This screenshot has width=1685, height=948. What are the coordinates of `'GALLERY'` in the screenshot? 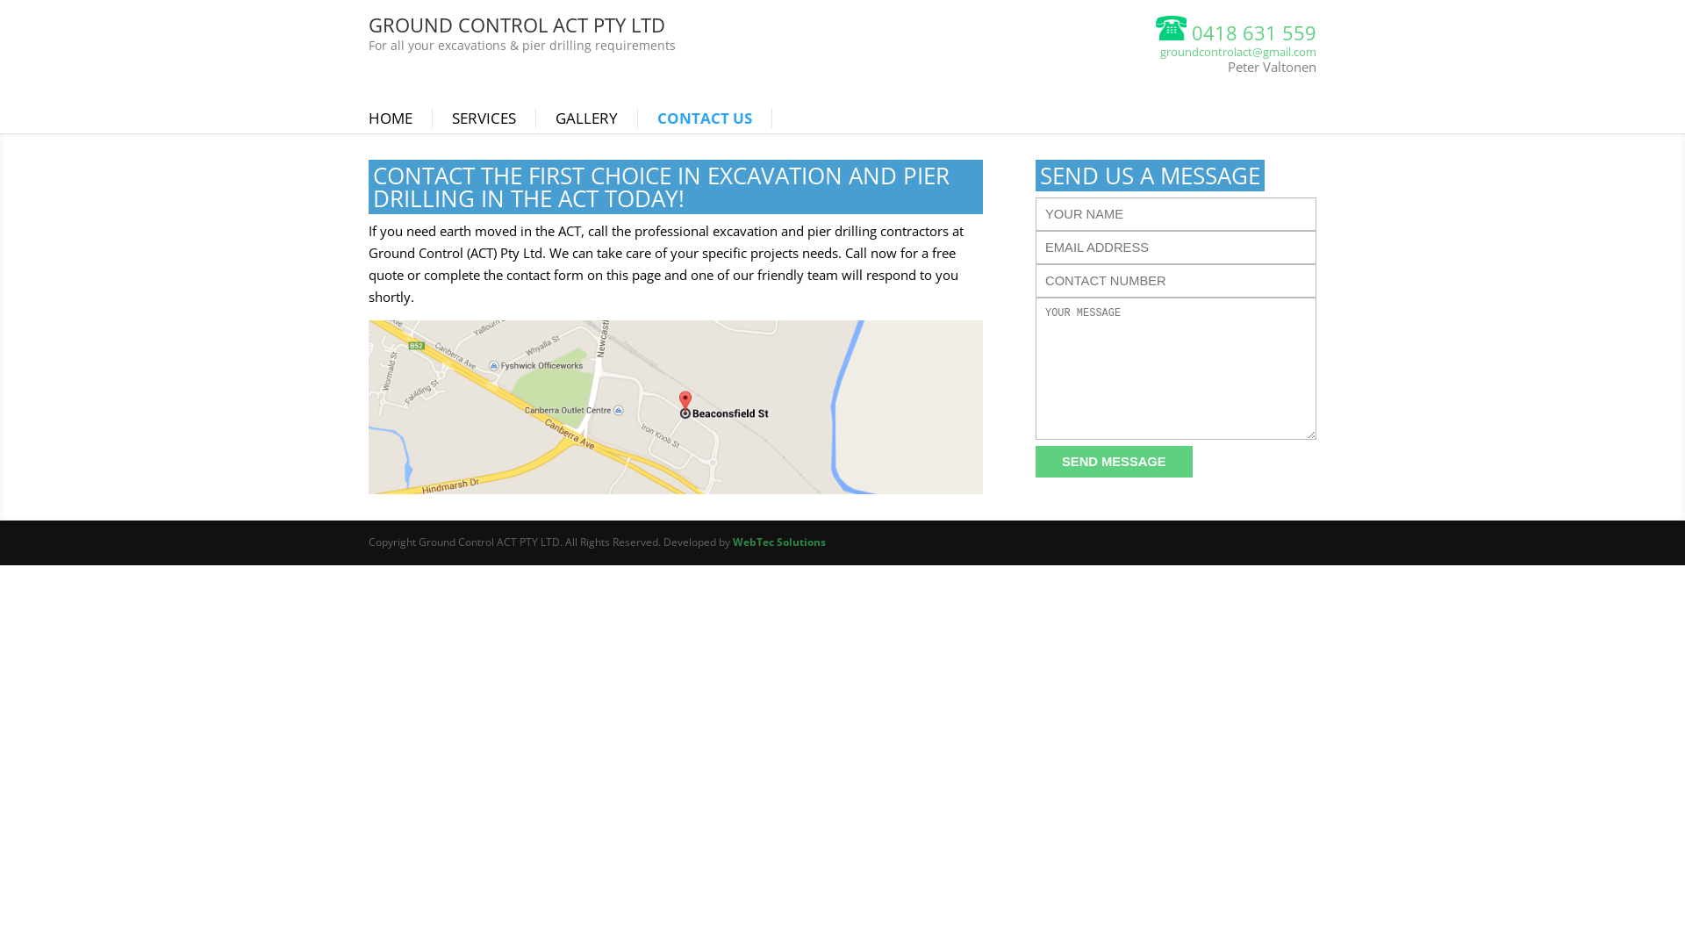 It's located at (597, 118).